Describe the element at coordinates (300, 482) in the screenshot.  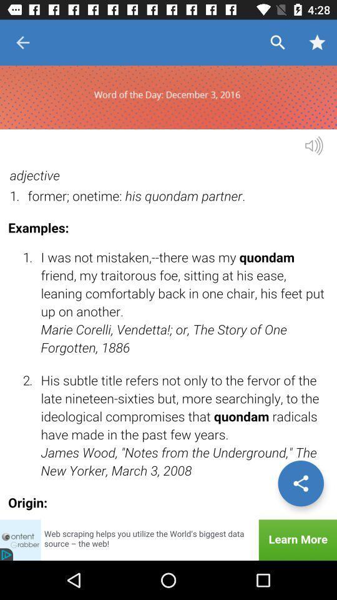
I see `the share icon` at that location.